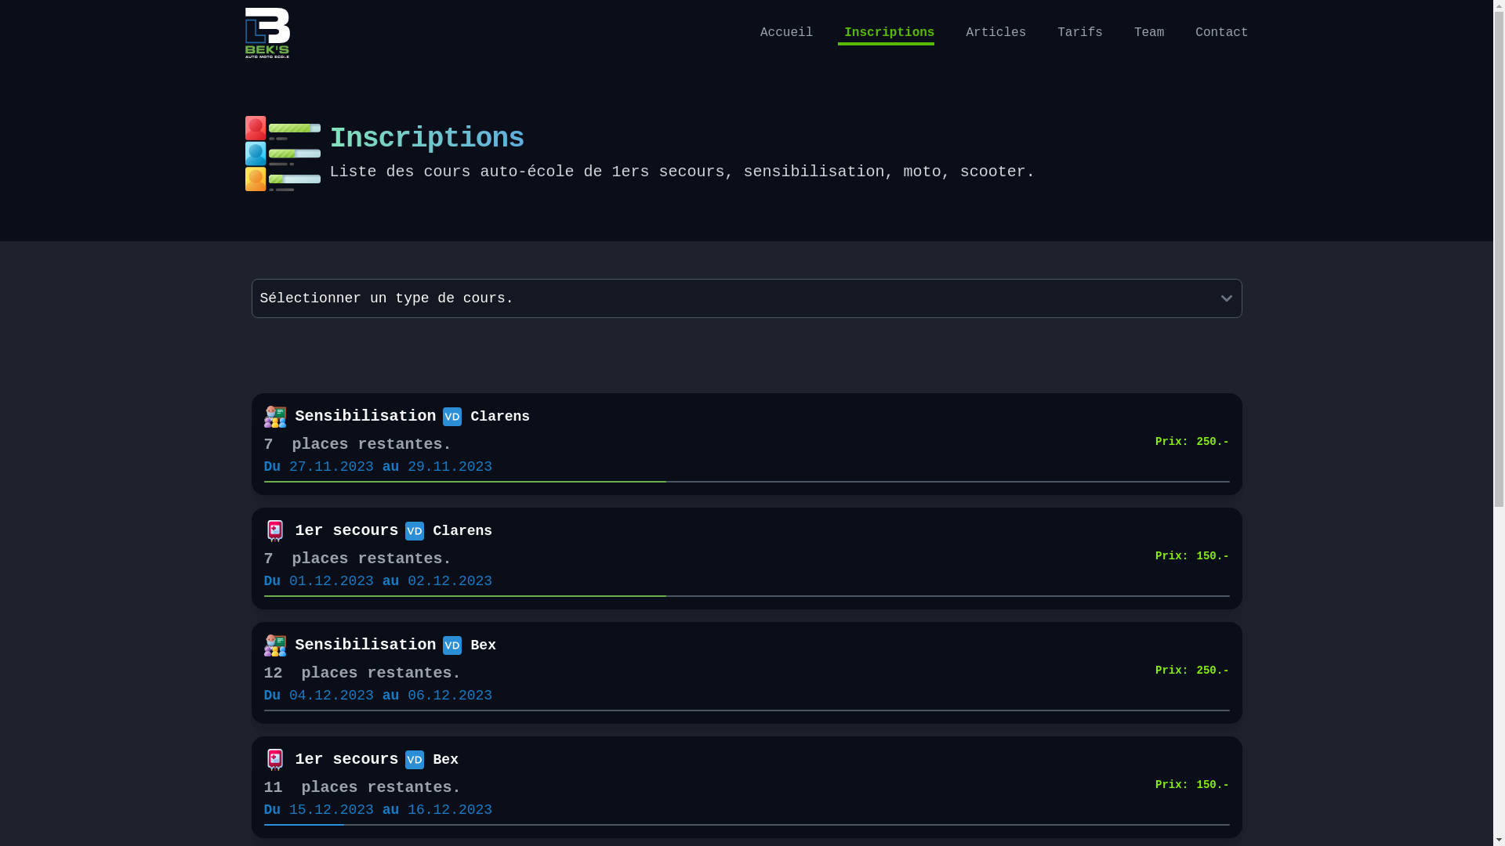 Image resolution: width=1505 pixels, height=846 pixels. I want to click on 'Articles', so click(992, 31).